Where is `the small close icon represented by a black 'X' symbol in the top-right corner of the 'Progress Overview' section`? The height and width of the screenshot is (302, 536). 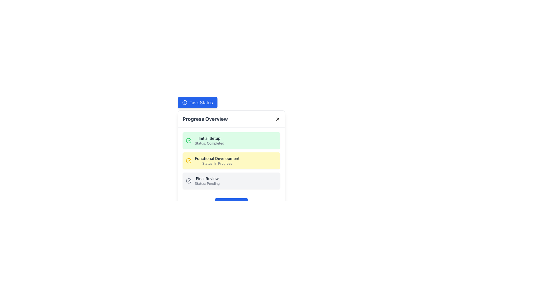 the small close icon represented by a black 'X' symbol in the top-right corner of the 'Progress Overview' section is located at coordinates (277, 119).